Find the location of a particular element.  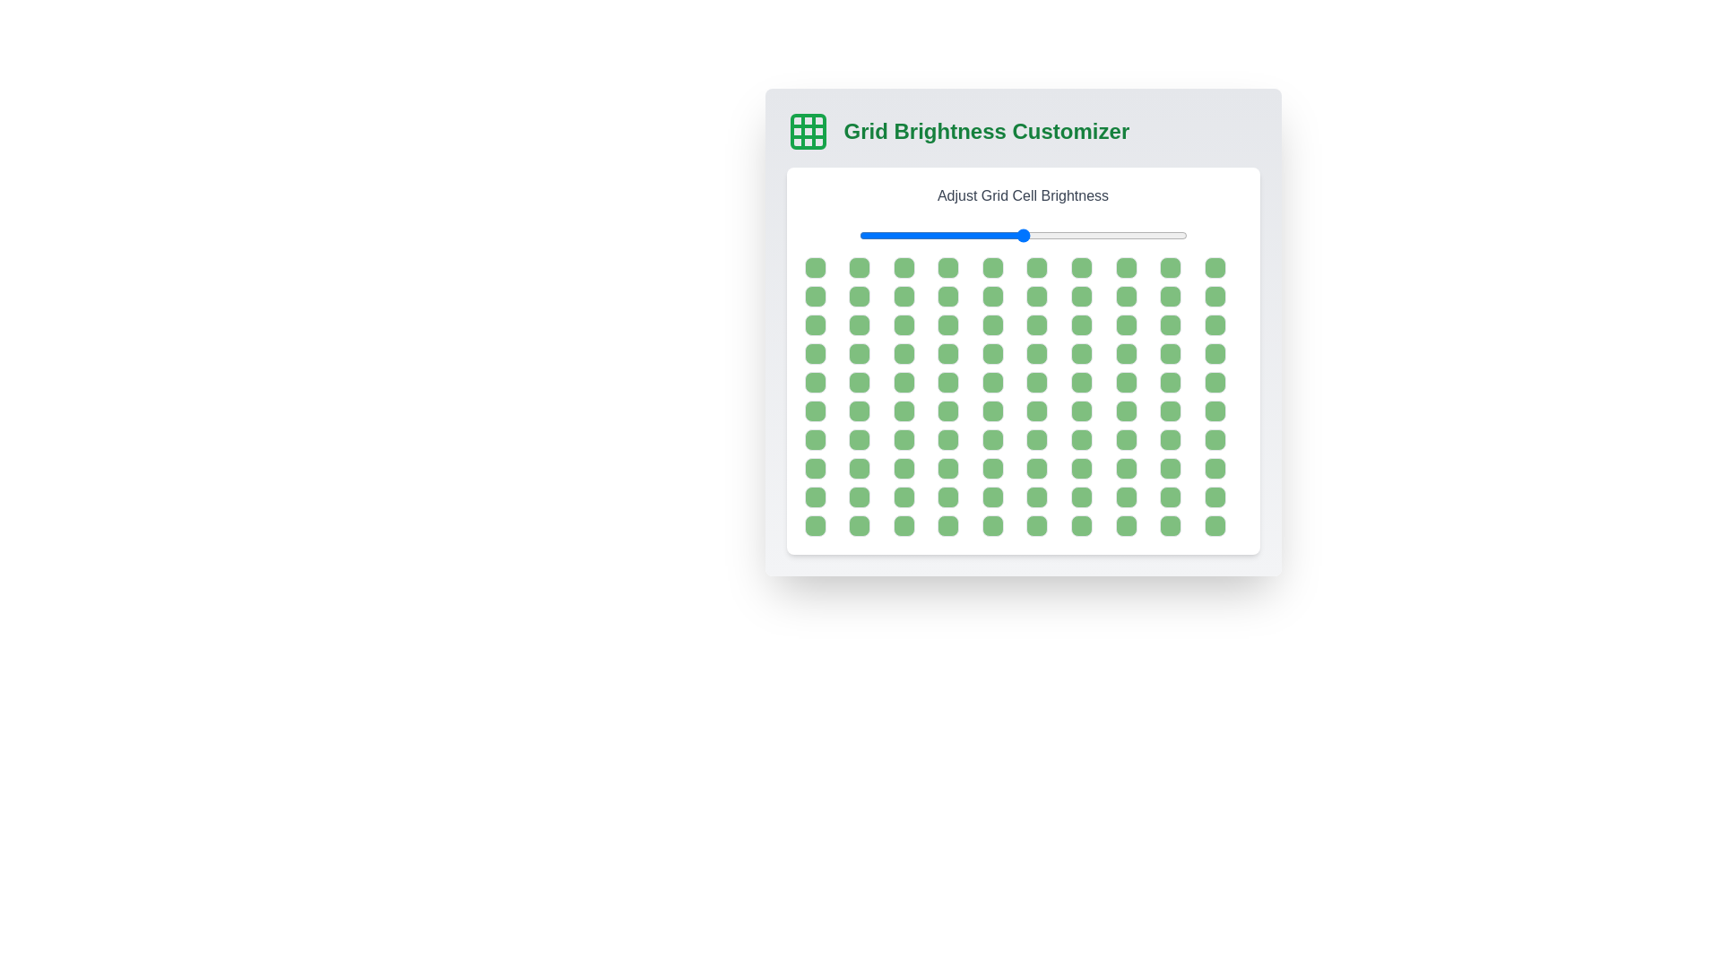

the brightness slider to 7% is located at coordinates (882, 234).